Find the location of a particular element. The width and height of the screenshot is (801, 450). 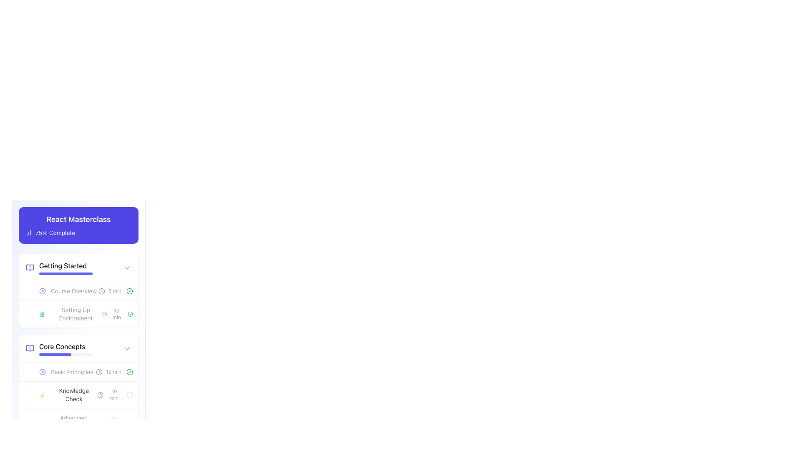

information displayed on the informational label showing '5 min' next to the clock icon, located in the 'Course Overview' section under 'Getting Started' is located at coordinates (109, 290).